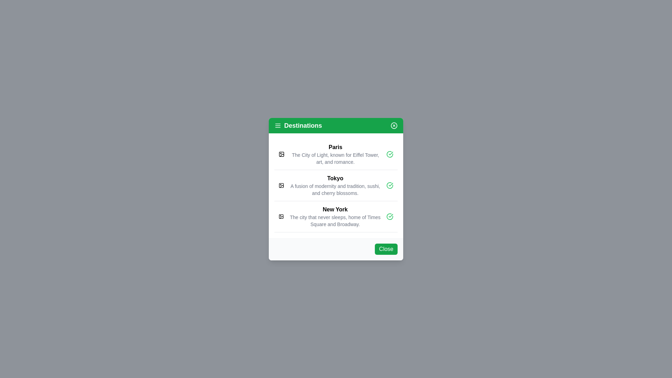 This screenshot has height=378, width=672. What do you see at coordinates (277, 125) in the screenshot?
I see `the three-line menu icon located at the top left of the green header bar beside the text 'Destinations'` at bounding box center [277, 125].